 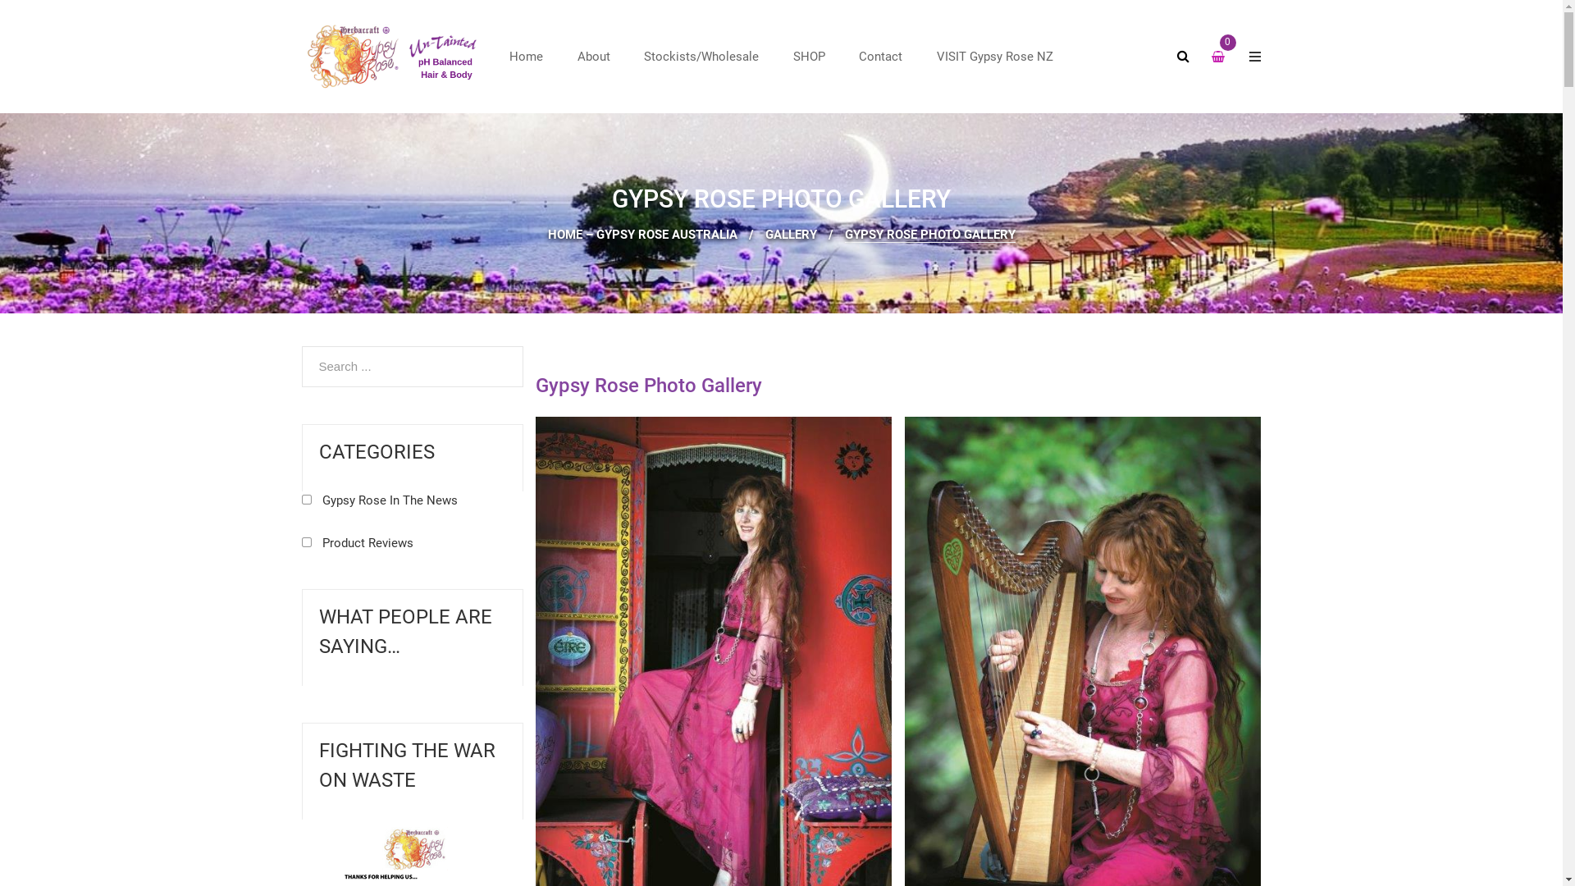 I want to click on 'Gypsy Rose In The News', so click(x=378, y=499).